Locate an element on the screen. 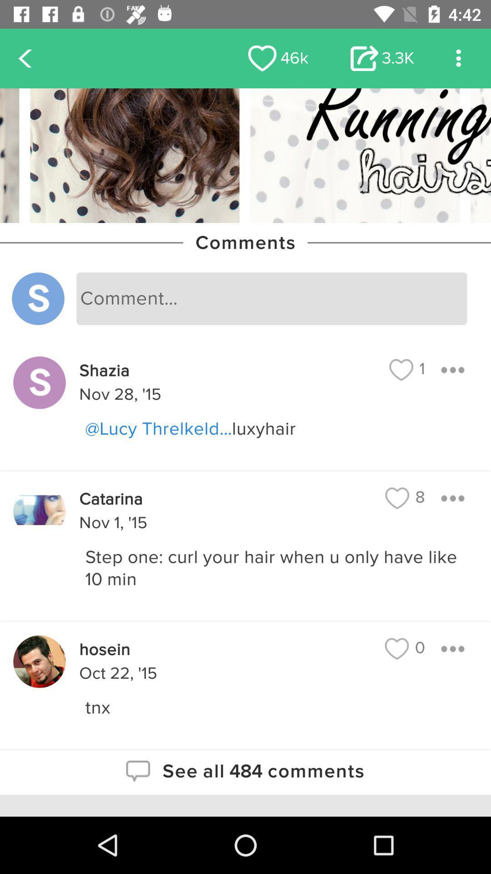  the 46k is located at coordinates (278, 58).